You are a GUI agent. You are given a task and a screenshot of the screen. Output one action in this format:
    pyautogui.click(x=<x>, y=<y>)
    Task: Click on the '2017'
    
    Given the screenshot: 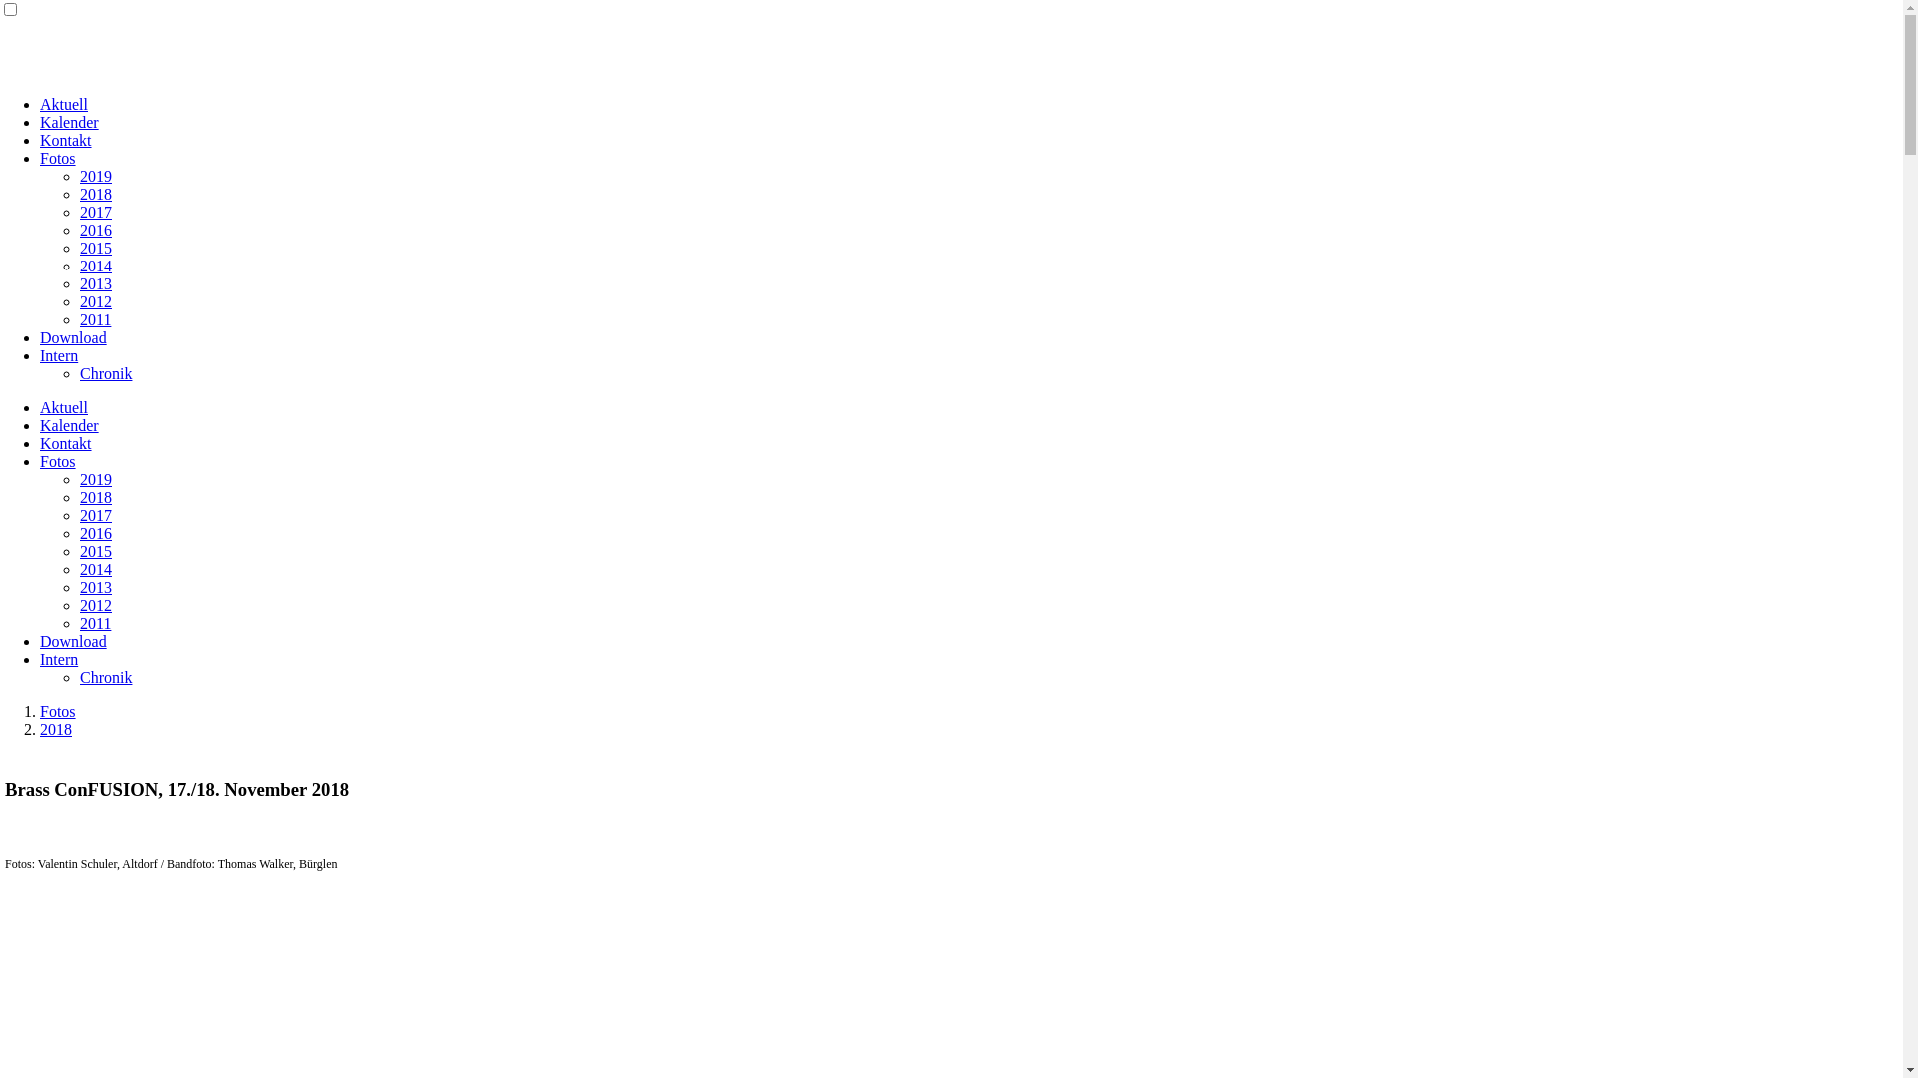 What is the action you would take?
    pyautogui.click(x=95, y=212)
    